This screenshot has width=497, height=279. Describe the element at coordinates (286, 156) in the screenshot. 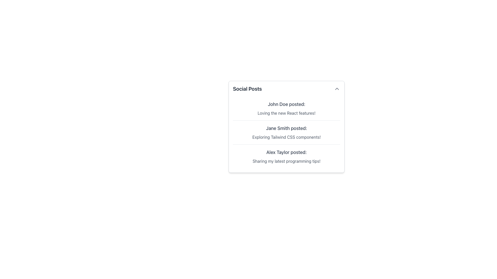

I see `the static text block displaying 'Alex Taylor posted:' followed by 'Sharing my latest programming tips!'` at that location.